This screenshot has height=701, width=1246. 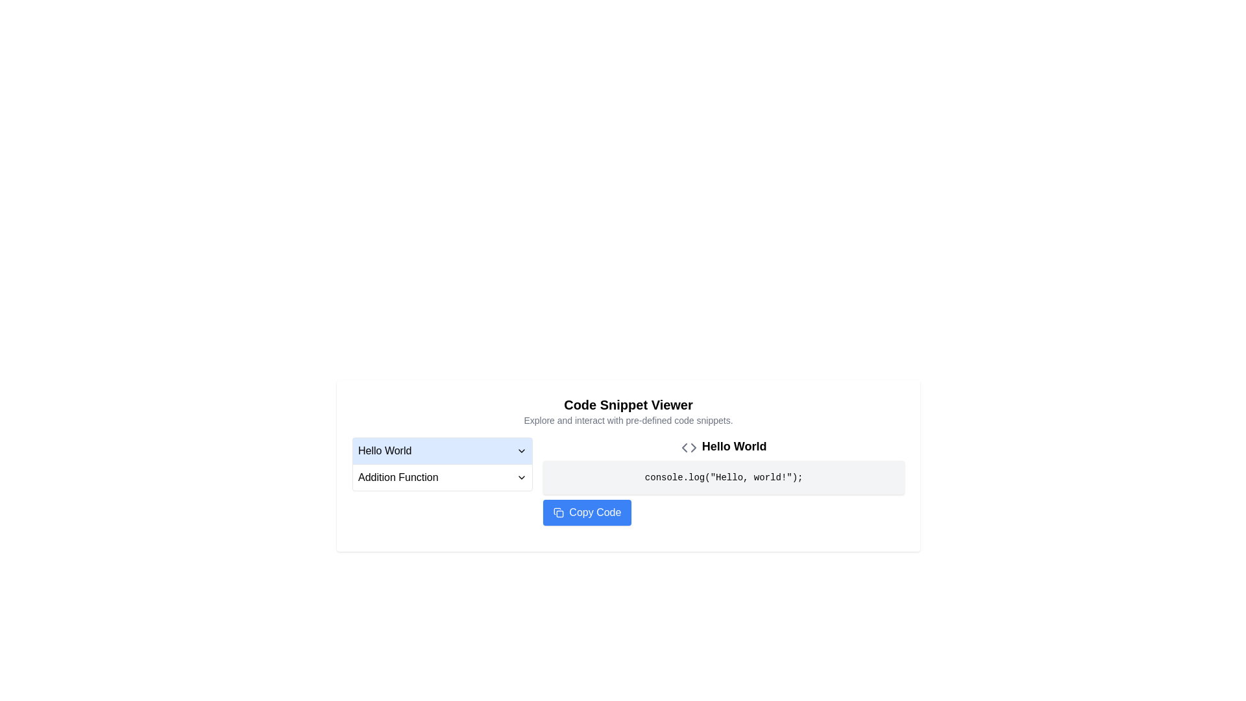 I want to click on the informational text label that displays 'Hello World', which serves as a title or header, located to the right of an icon and other graphical elements, so click(x=734, y=445).